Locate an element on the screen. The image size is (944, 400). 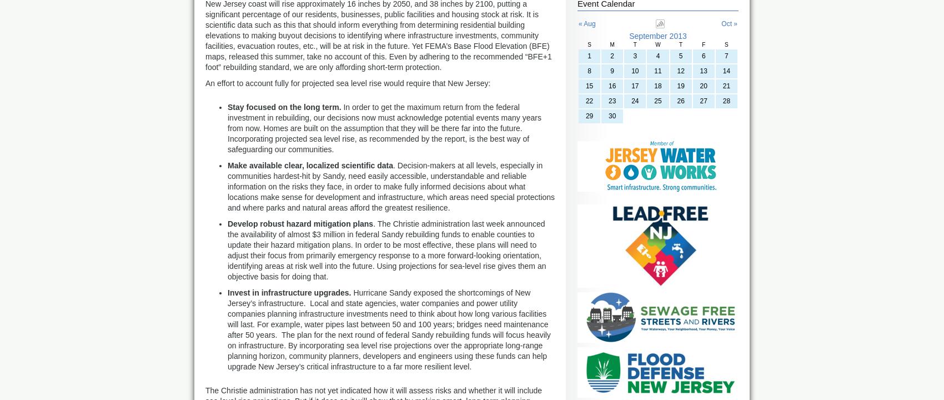
'24' is located at coordinates (631, 101).